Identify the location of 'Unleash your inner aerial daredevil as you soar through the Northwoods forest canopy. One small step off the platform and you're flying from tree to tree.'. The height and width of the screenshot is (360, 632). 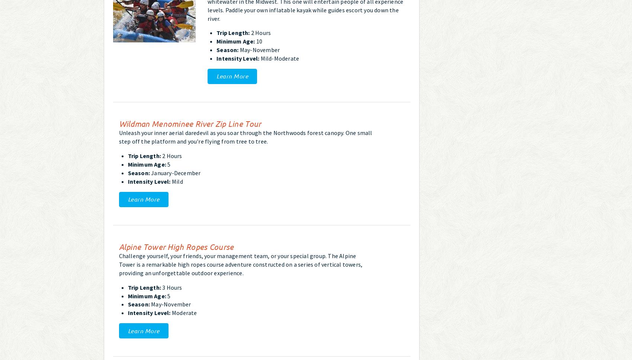
(118, 136).